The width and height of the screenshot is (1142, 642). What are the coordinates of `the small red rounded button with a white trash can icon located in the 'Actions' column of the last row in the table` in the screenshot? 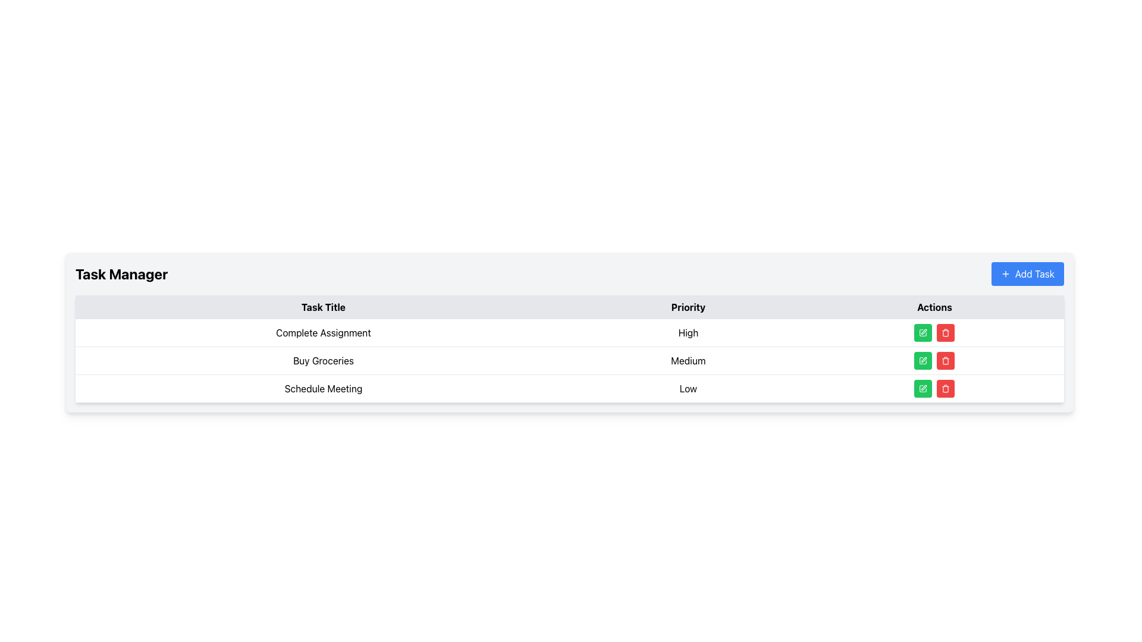 It's located at (945, 332).